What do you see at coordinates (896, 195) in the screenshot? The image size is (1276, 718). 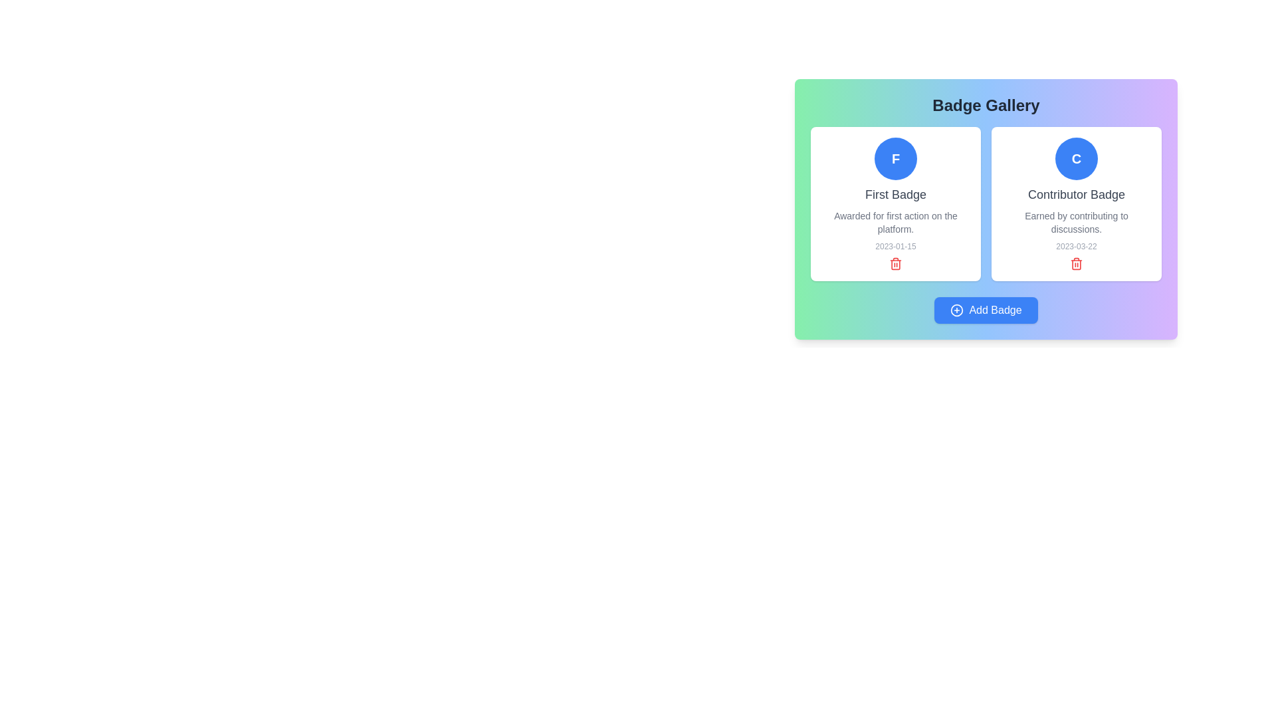 I see `the text label 'First Badge', which is styled with a medium-sized gray font and located below the blue circular icon with the letter 'F' in the Badge Gallery section` at bounding box center [896, 195].